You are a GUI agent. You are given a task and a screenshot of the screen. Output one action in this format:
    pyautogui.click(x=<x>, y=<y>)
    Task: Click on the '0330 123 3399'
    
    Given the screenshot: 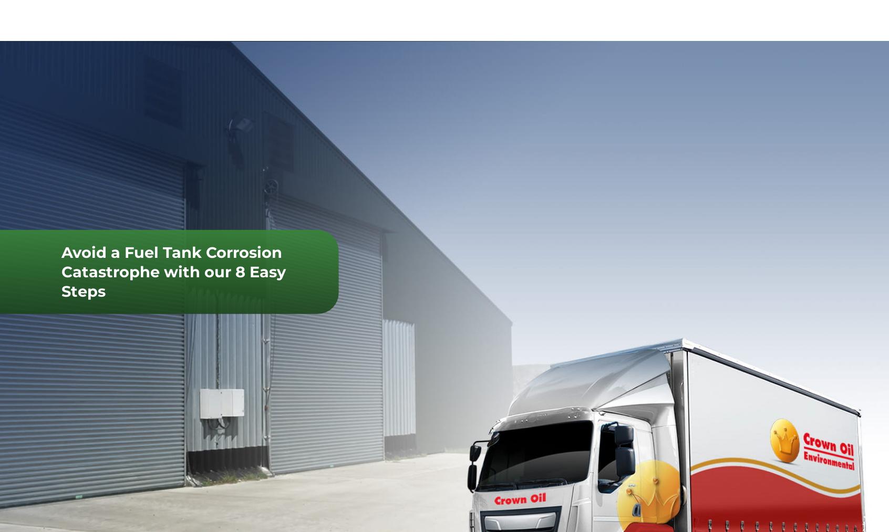 What is the action you would take?
    pyautogui.click(x=328, y=19)
    